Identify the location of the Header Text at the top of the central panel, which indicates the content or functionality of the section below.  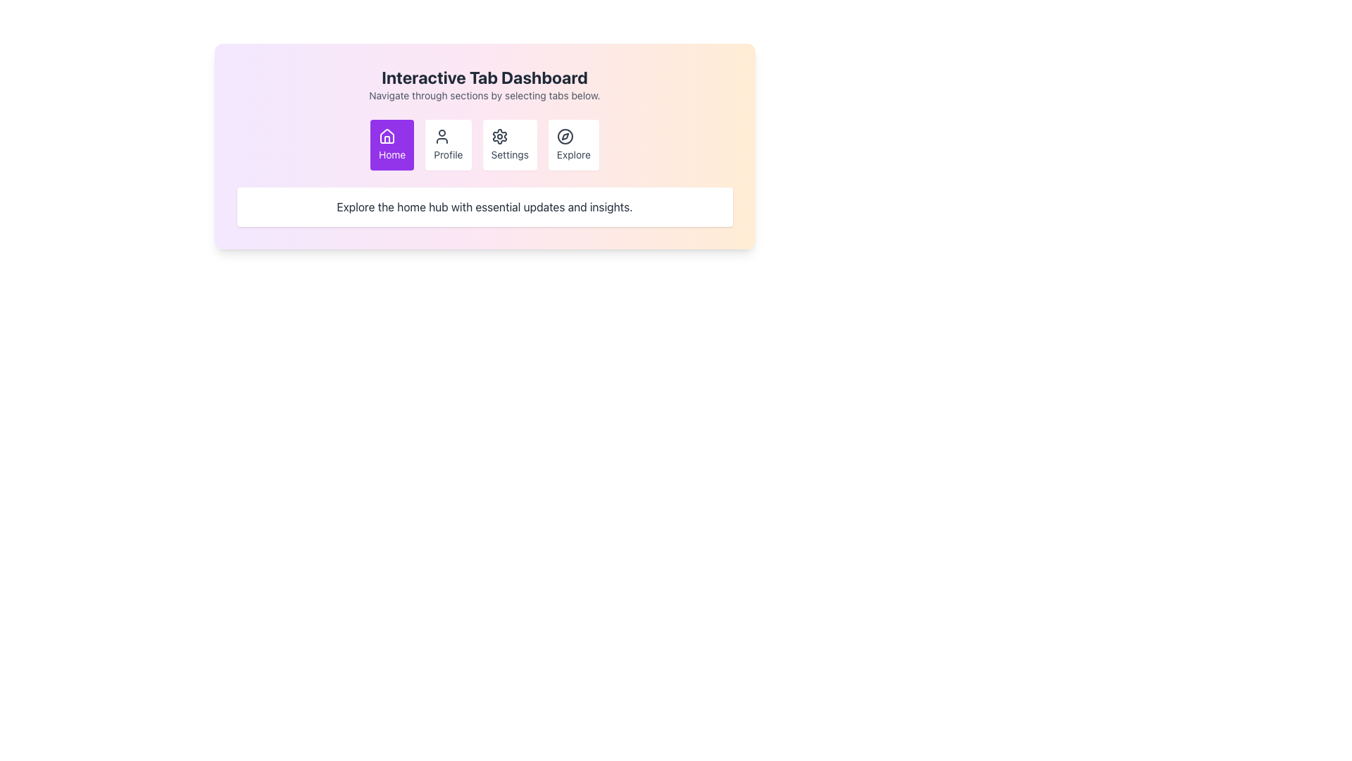
(484, 78).